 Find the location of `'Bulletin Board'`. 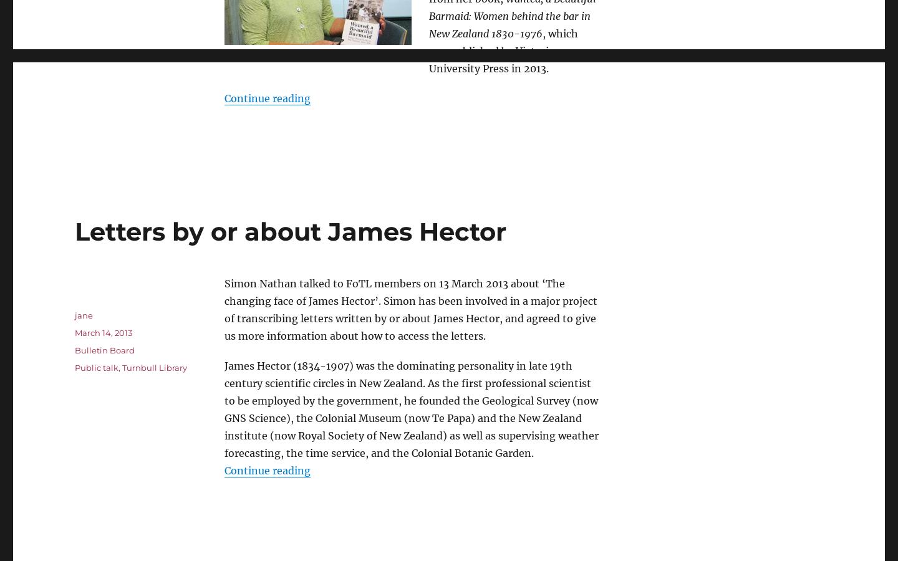

'Bulletin Board' is located at coordinates (74, 348).